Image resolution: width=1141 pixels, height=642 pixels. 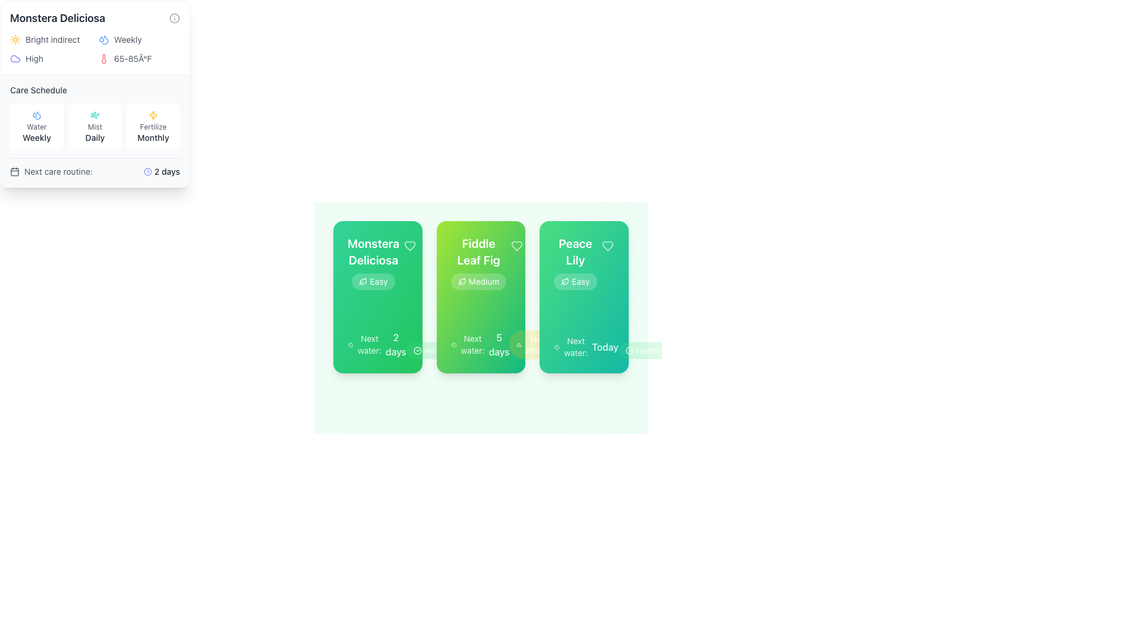 I want to click on the Label element that indicates the next watering schedule, located centrally above the 'Today' label within the 'Peace Lily' card, so click(x=576, y=347).